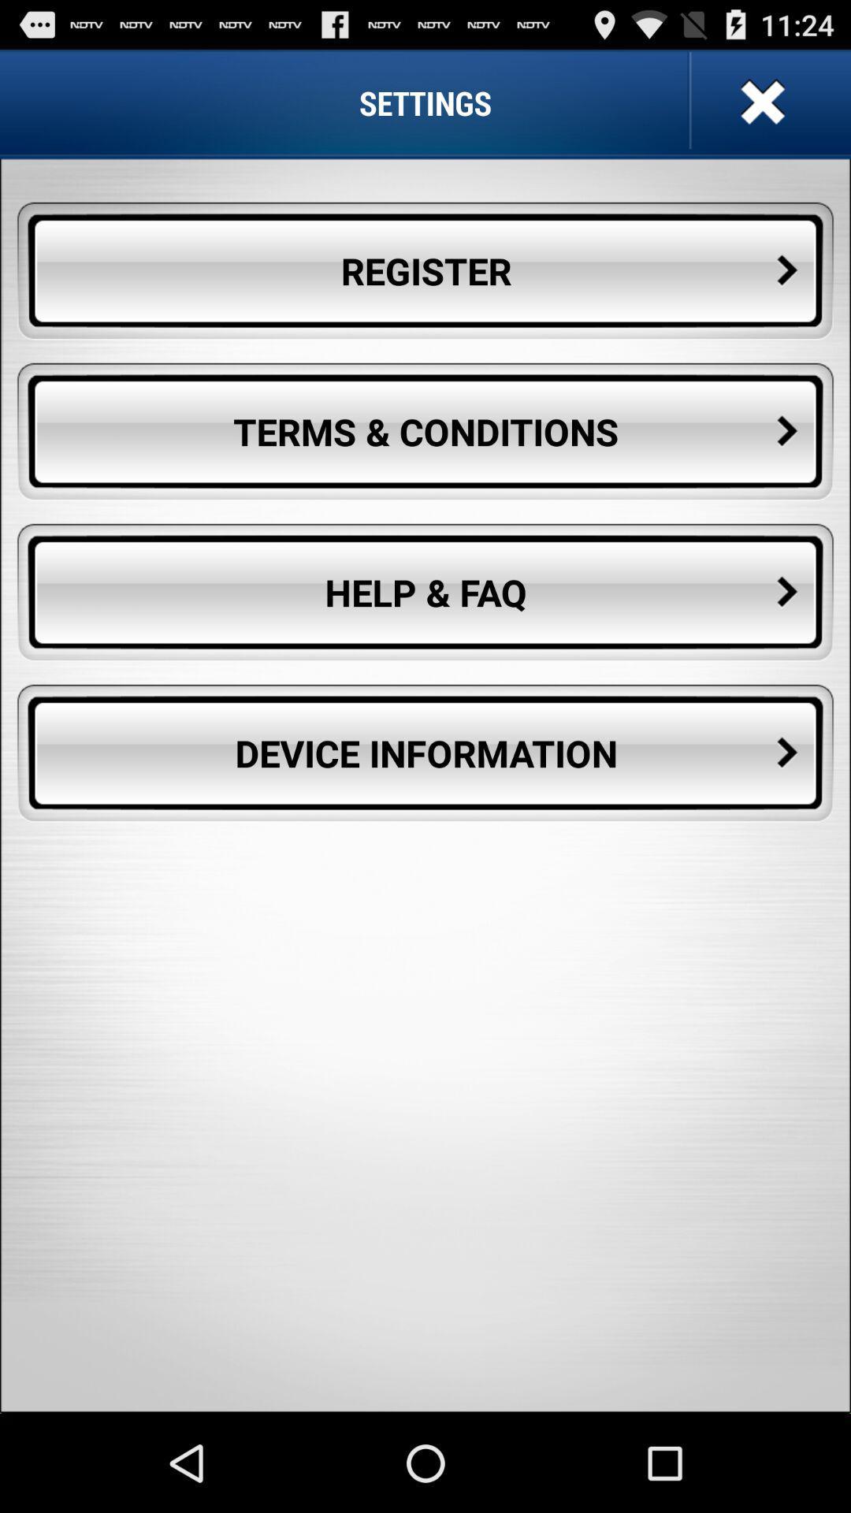  Describe the element at coordinates (425, 592) in the screenshot. I see `item above the device information button` at that location.